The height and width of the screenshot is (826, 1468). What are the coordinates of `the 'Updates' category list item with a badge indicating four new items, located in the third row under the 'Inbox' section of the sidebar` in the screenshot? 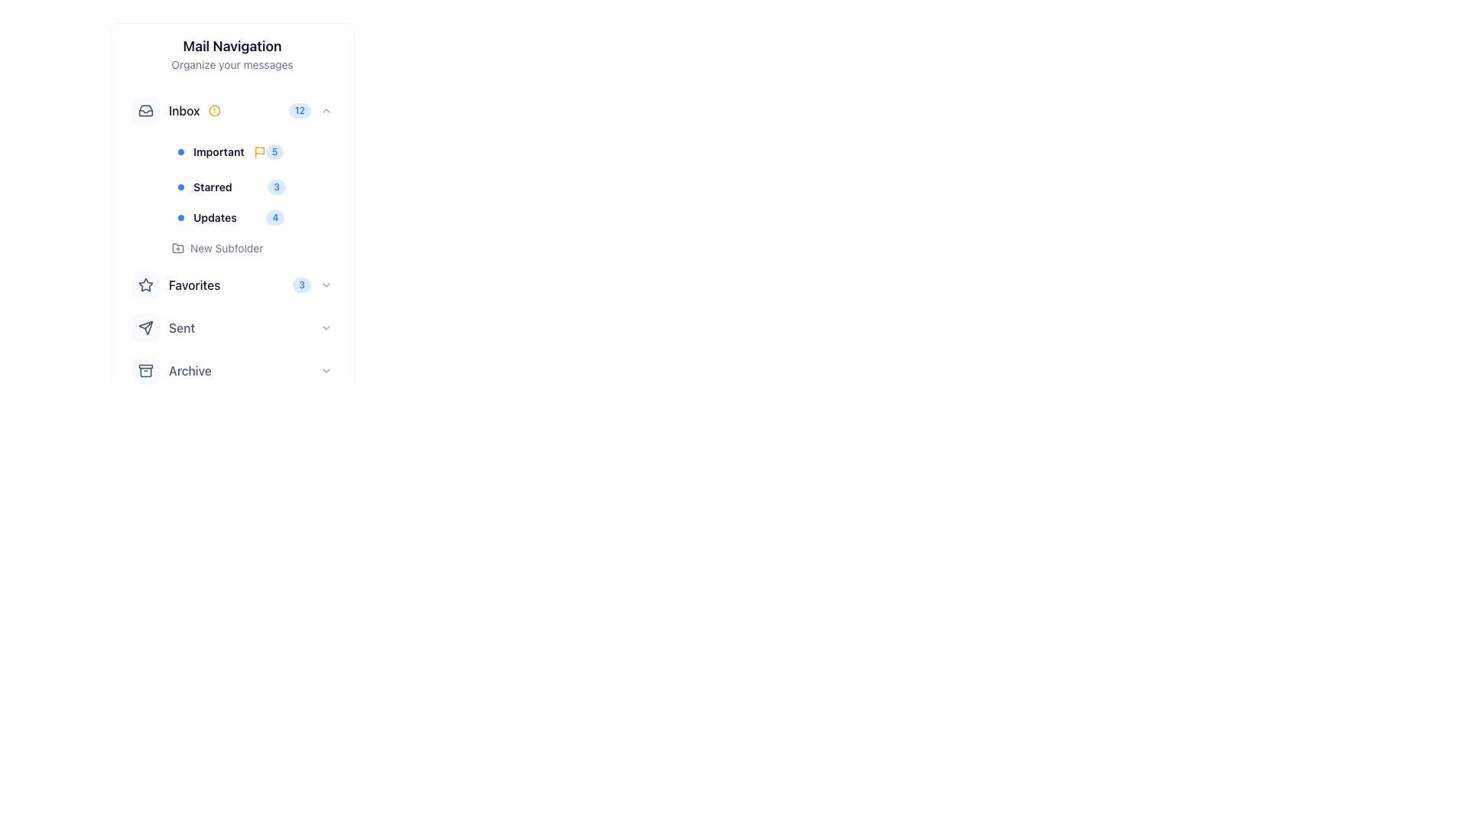 It's located at (250, 218).